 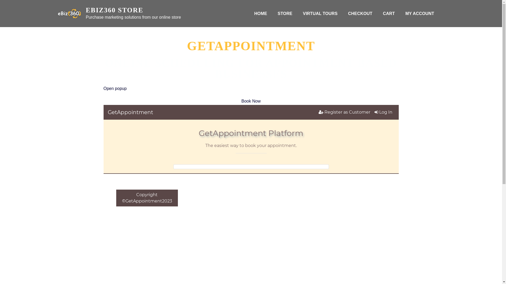 I want to click on 'STORE', so click(x=285, y=13).